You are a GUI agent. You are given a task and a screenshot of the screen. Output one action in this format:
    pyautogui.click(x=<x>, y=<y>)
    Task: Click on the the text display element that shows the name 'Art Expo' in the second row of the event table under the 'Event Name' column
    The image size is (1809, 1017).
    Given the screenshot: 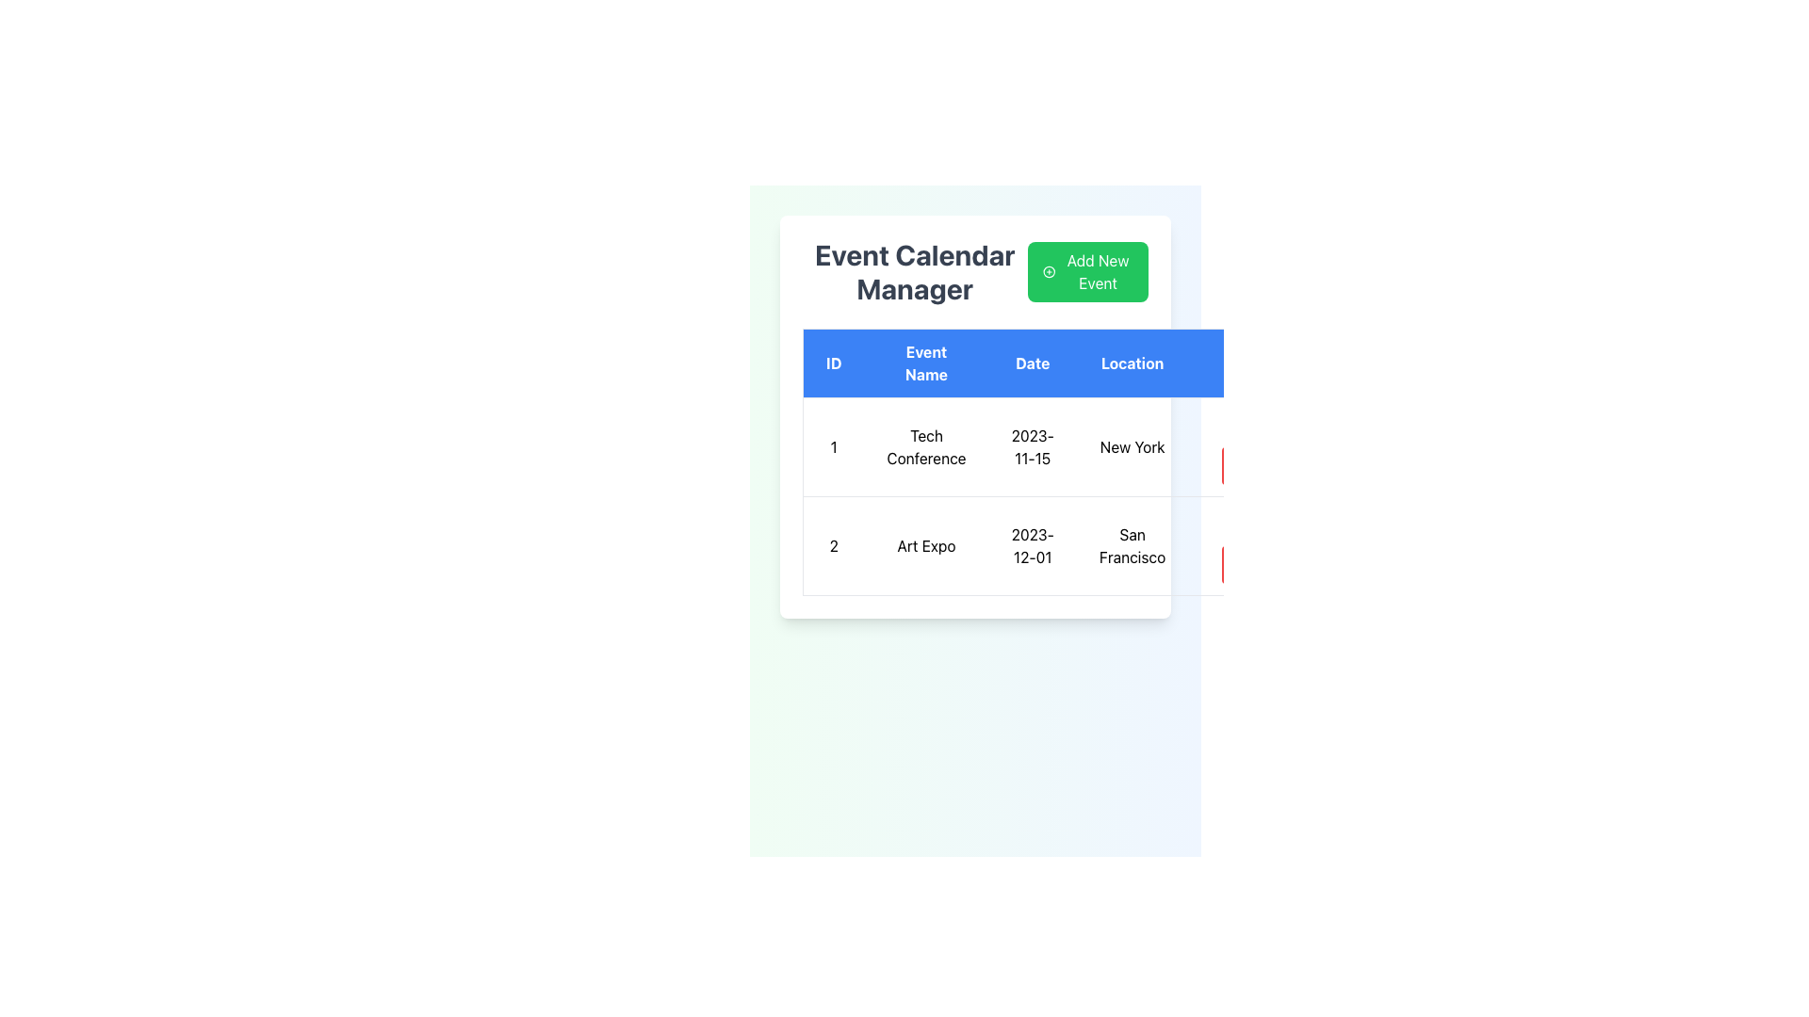 What is the action you would take?
    pyautogui.click(x=926, y=545)
    